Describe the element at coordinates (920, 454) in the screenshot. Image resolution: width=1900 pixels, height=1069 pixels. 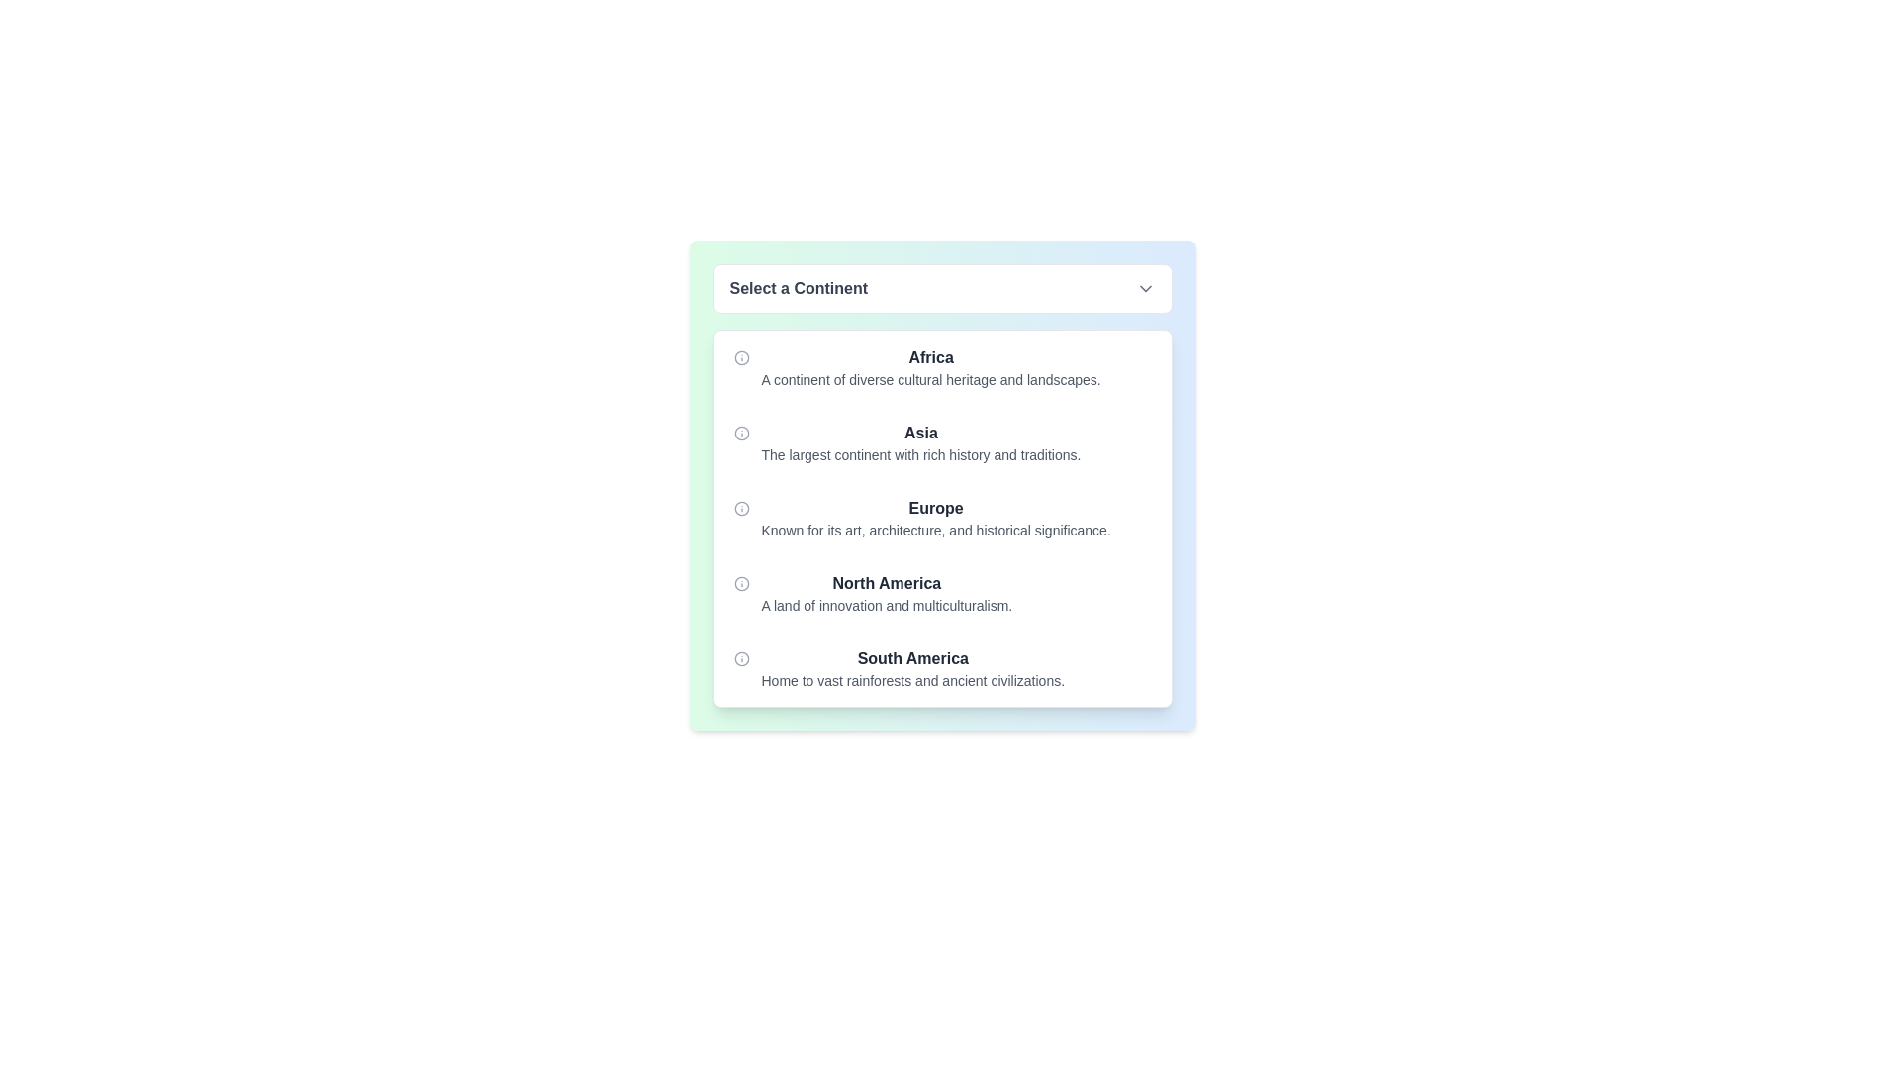
I see `the informational description text label located directly beneath the bold title 'Asia' in the list view titled 'Select a Continent'` at that location.